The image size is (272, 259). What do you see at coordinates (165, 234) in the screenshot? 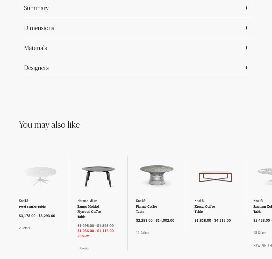
I see `'+ More Options'` at bounding box center [165, 234].